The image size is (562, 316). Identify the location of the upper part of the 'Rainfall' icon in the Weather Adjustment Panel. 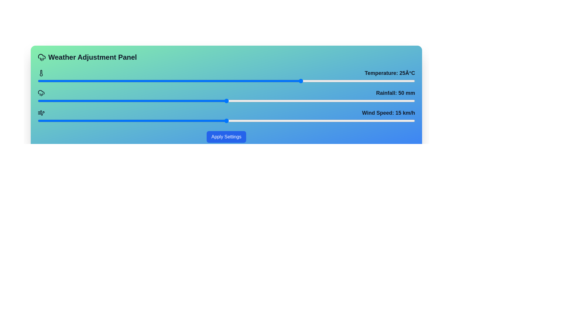
(42, 56).